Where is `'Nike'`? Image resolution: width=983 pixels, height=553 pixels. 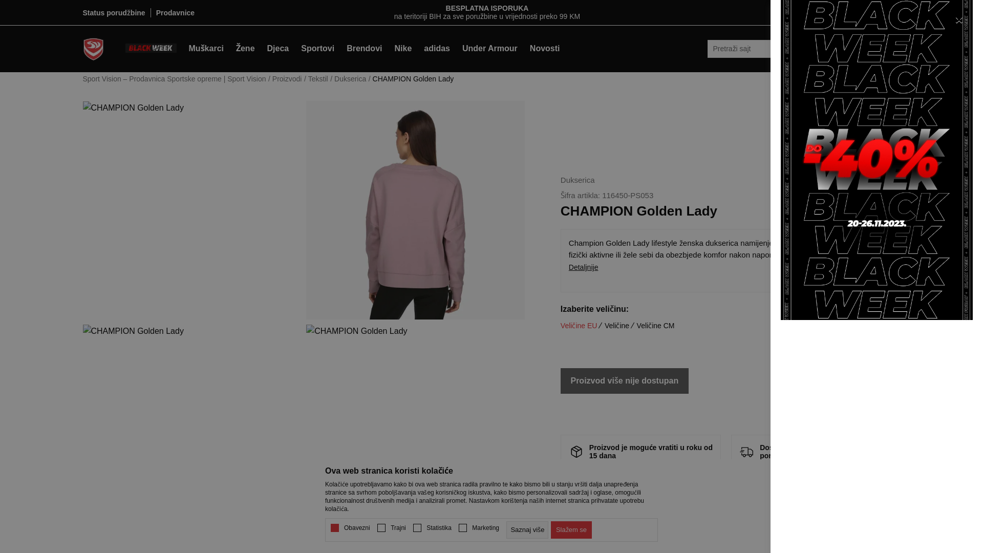
'Nike' is located at coordinates (402, 49).